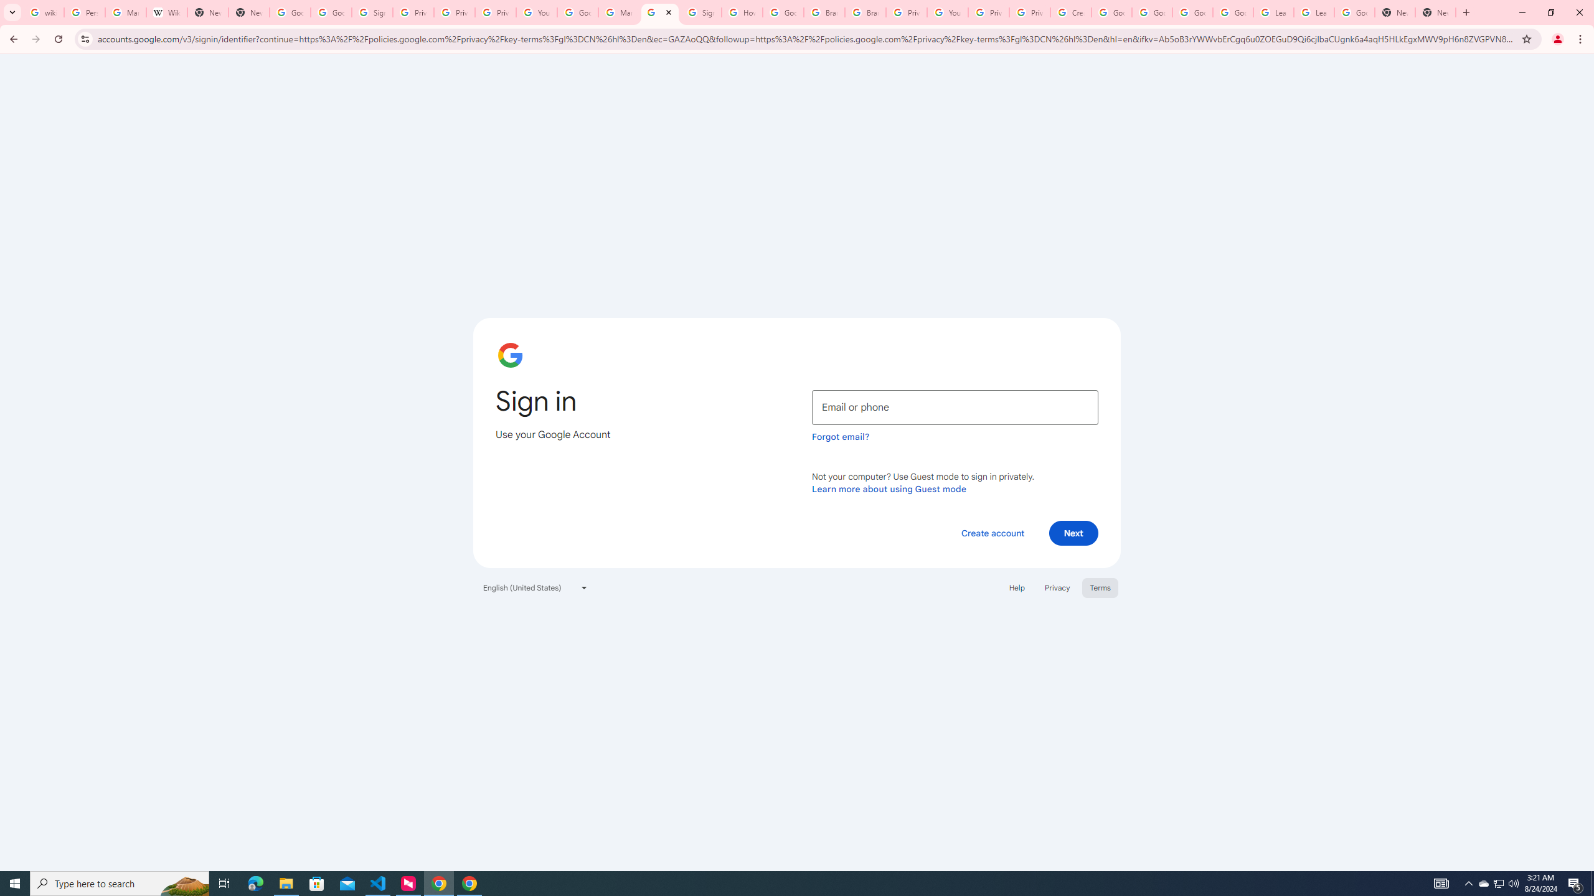 This screenshot has height=896, width=1594. I want to click on 'Manage your Location History - Google Search Help', so click(124, 12).